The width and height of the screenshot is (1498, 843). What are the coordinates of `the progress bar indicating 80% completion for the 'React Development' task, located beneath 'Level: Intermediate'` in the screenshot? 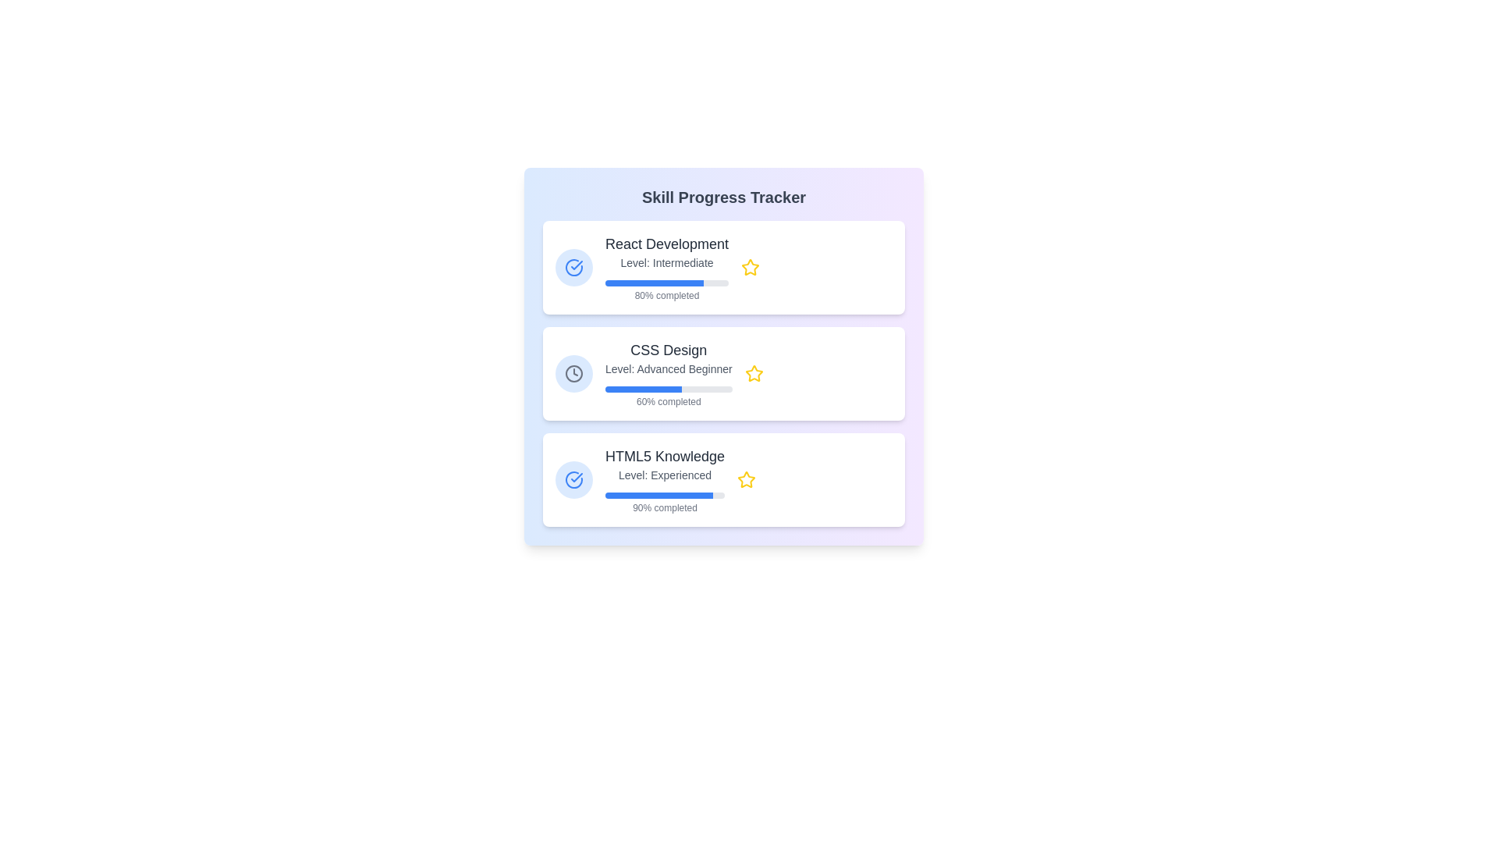 It's located at (666, 289).